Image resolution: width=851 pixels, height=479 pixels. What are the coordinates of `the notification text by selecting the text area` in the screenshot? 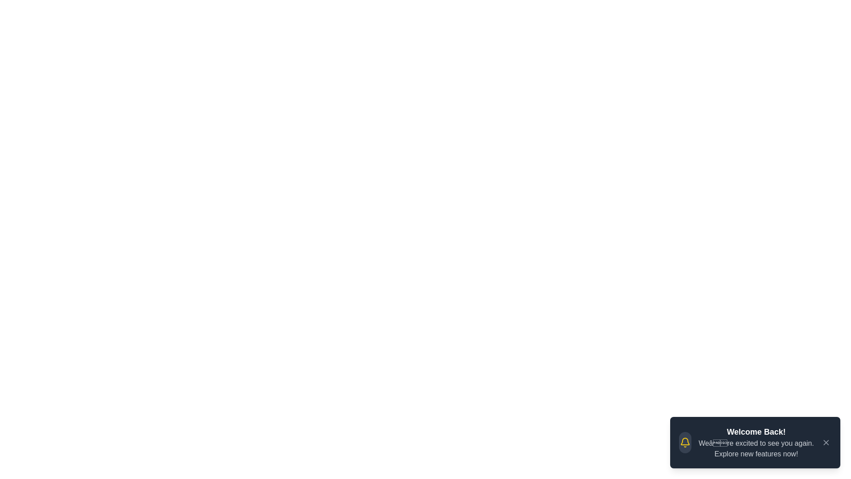 It's located at (697, 425).